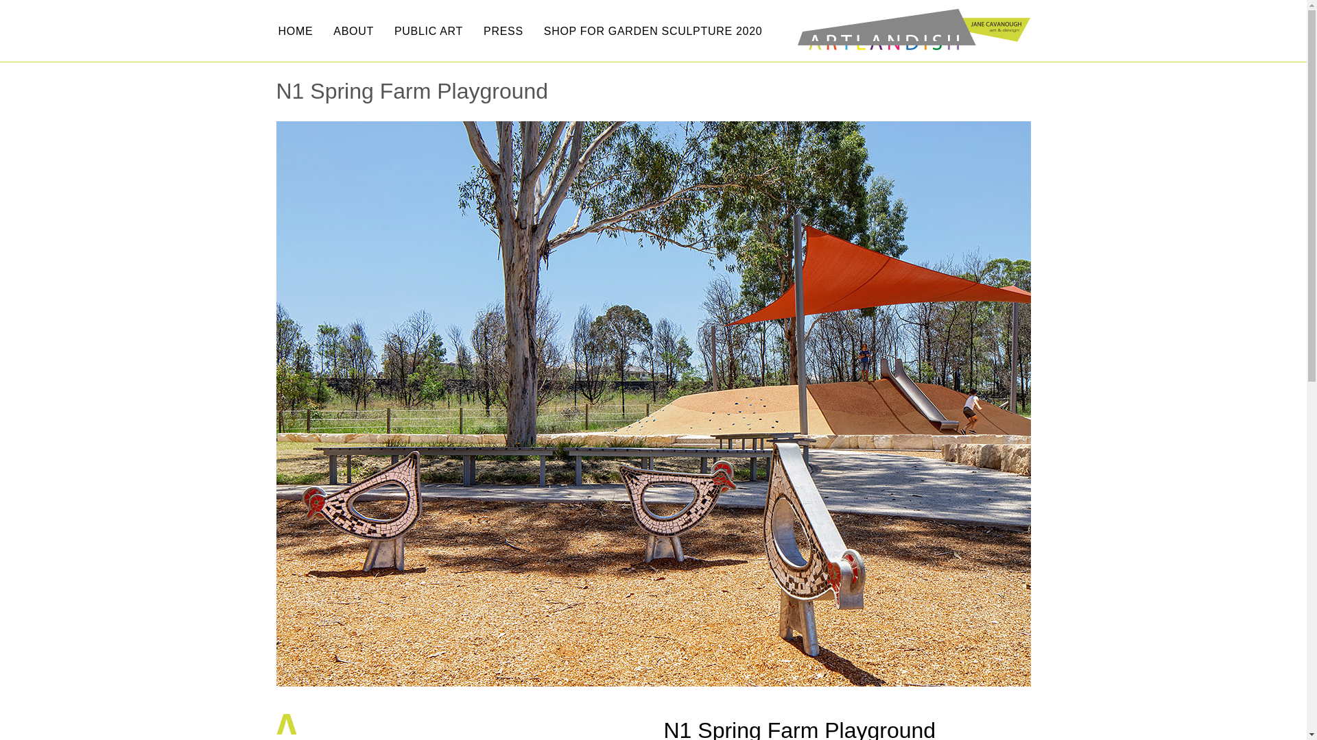  What do you see at coordinates (353, 31) in the screenshot?
I see `'ABOUT'` at bounding box center [353, 31].